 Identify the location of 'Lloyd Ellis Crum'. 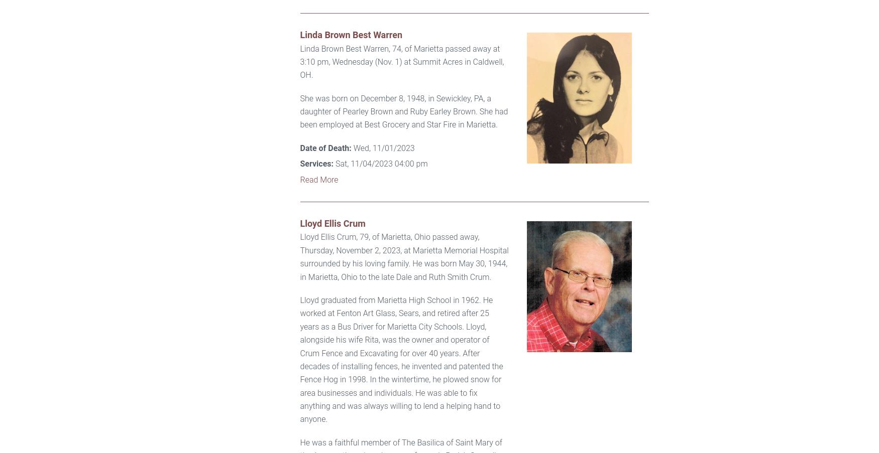
(332, 223).